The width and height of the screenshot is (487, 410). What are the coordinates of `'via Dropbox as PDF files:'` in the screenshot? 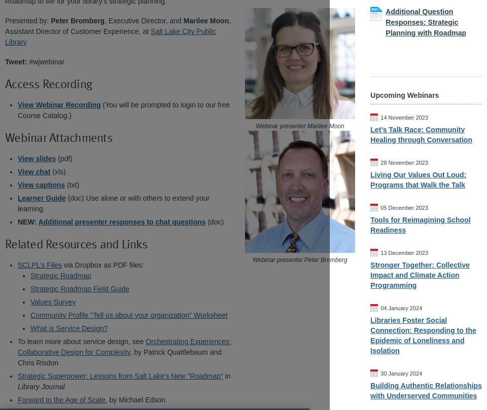 It's located at (102, 265).